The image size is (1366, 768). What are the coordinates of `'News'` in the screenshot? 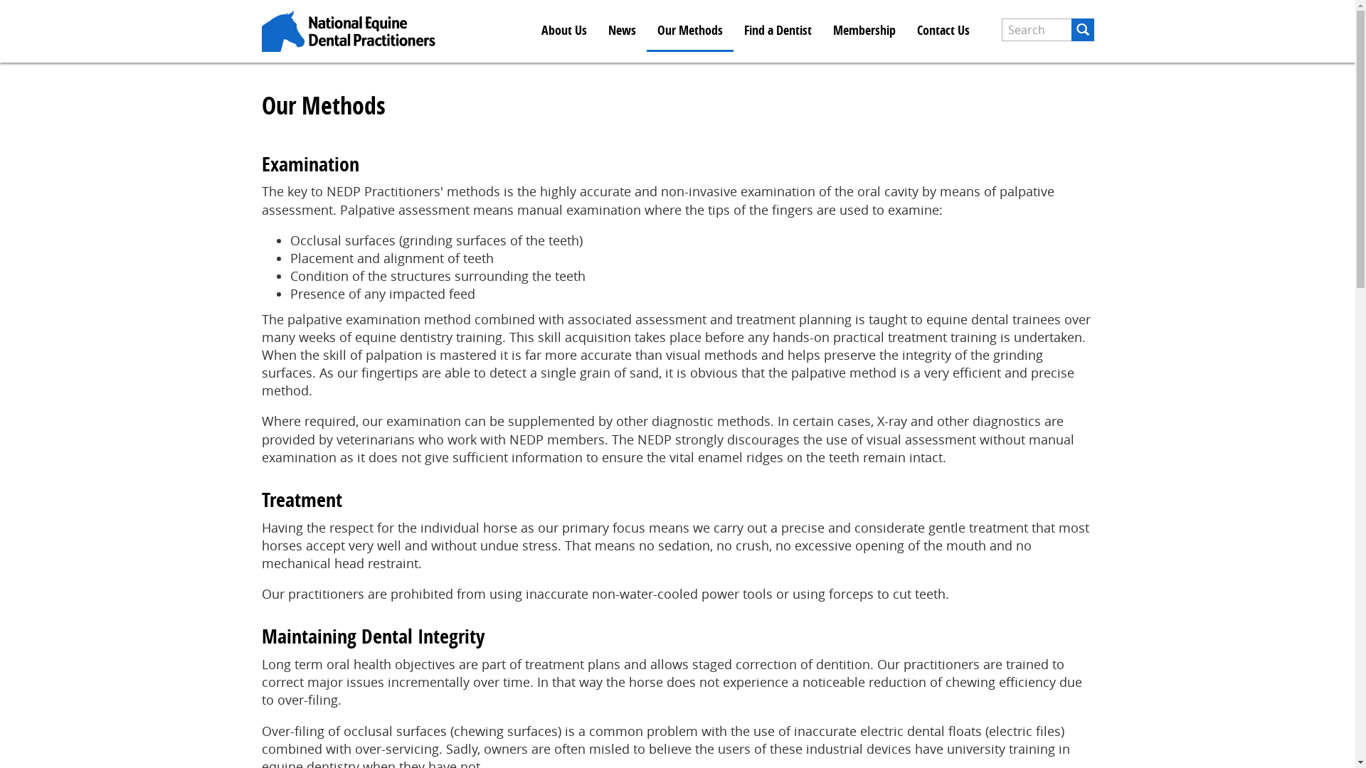 It's located at (622, 31).